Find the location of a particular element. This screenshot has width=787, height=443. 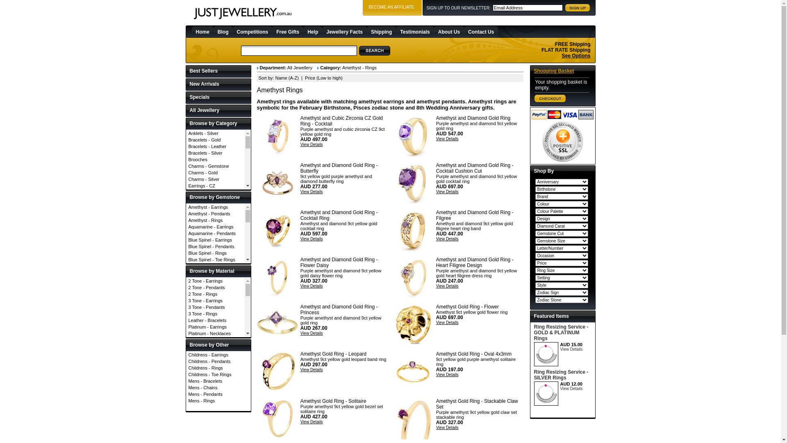

'About Us' is located at coordinates (448, 31).